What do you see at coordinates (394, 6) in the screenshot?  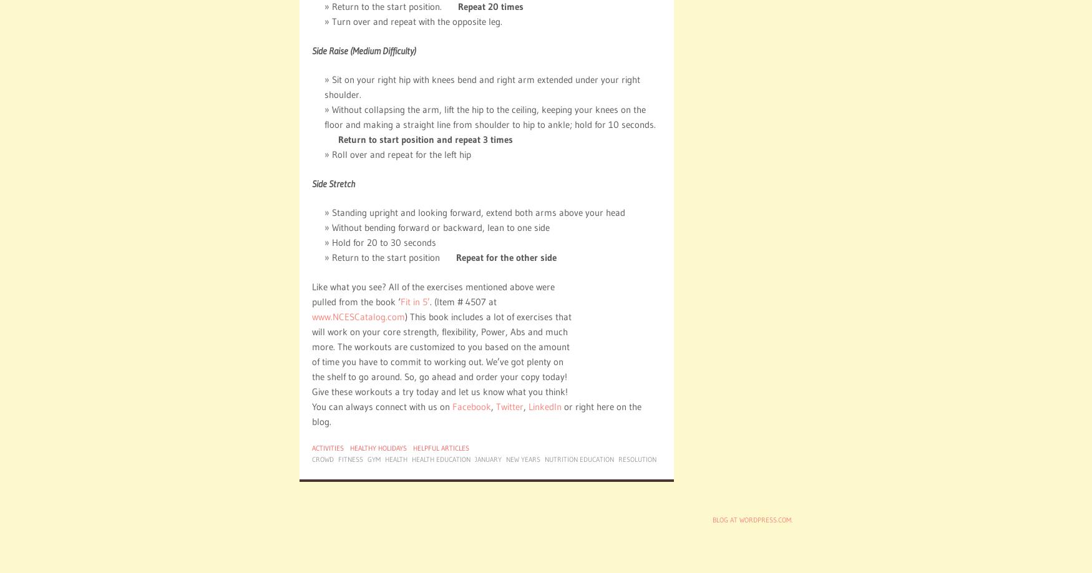 I see `'Return to the start position.'` at bounding box center [394, 6].